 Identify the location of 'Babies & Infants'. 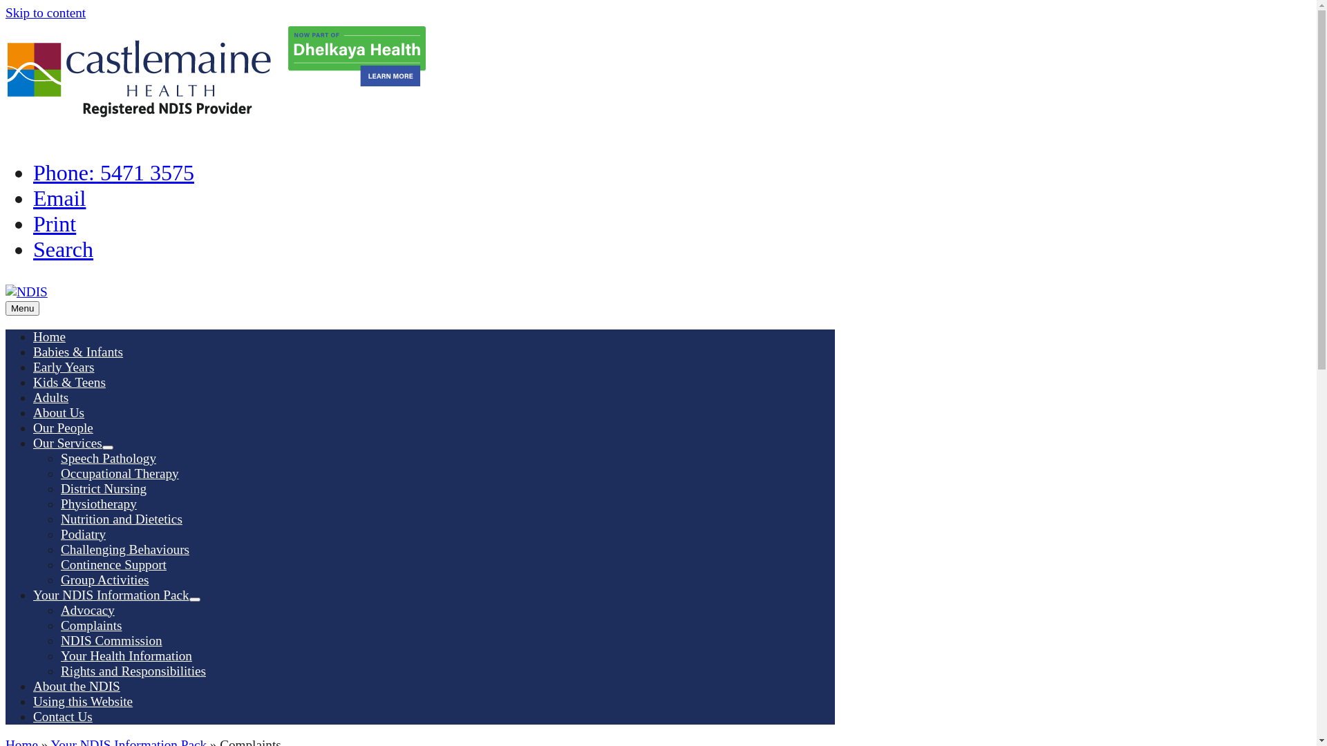
(77, 351).